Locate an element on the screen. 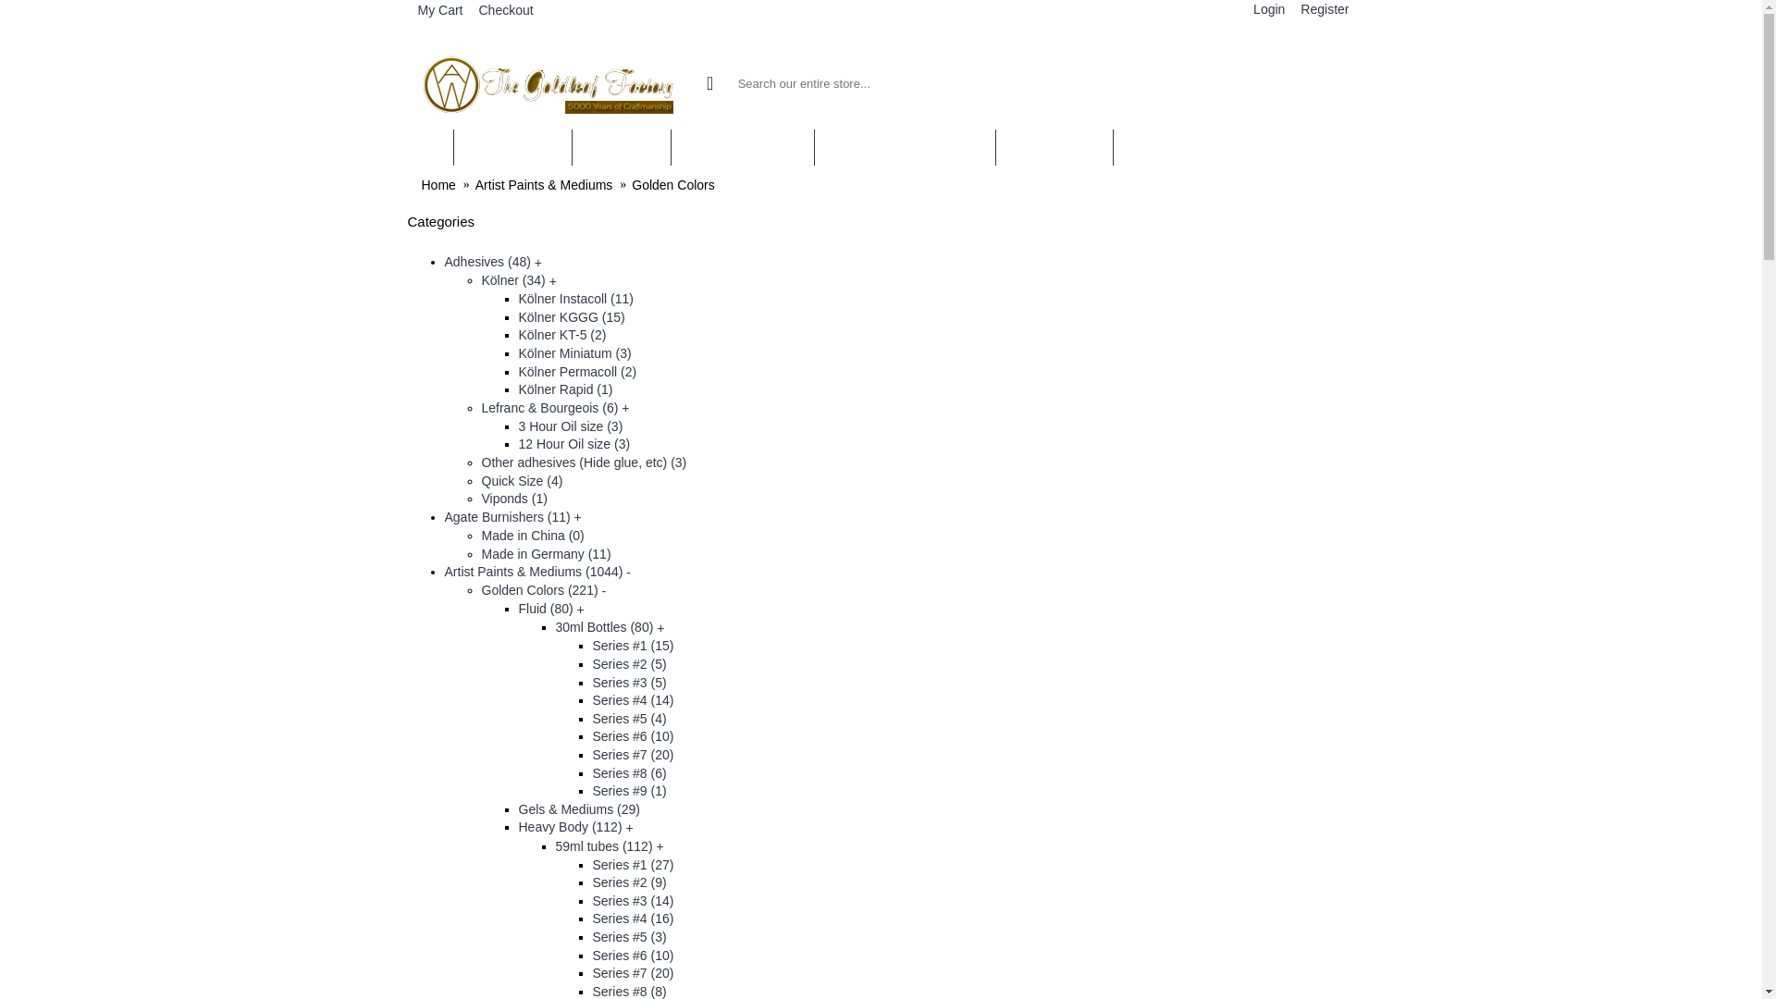 Image resolution: width=1776 pixels, height=999 pixels. 'Series #2 (9)' is located at coordinates (629, 881).